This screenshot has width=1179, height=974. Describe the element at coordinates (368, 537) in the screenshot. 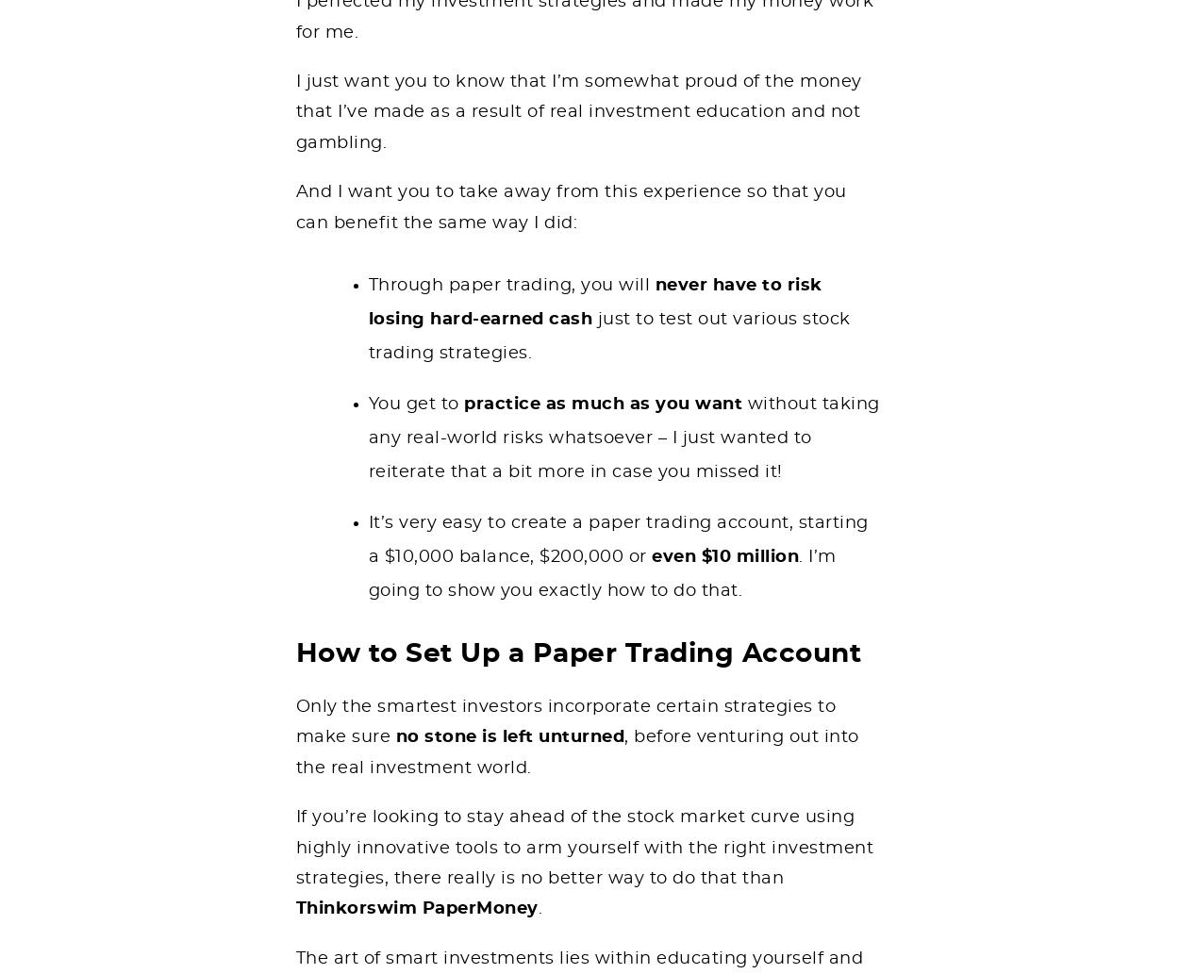

I see `'It’s very easy to create a paper trading account, starting a $10,000 balance, $200,000 or'` at that location.